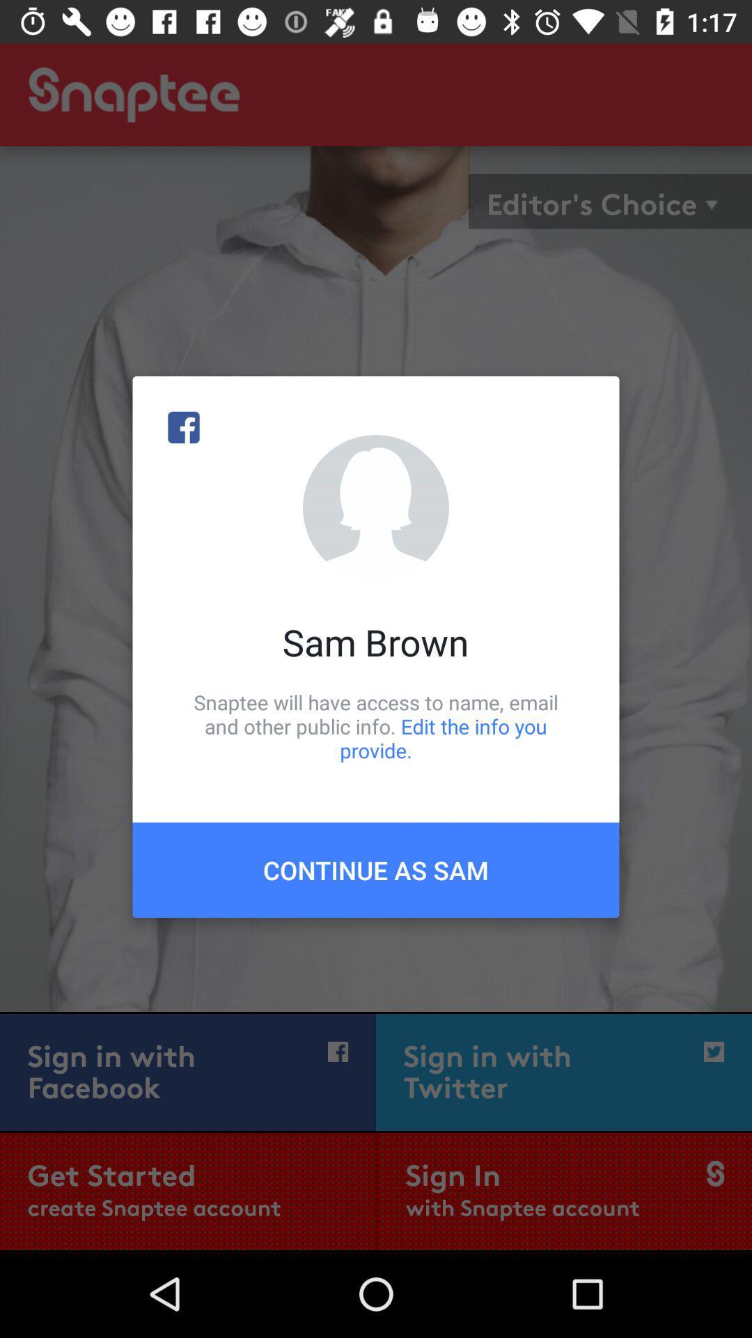  I want to click on the snaptee will have icon, so click(376, 725).